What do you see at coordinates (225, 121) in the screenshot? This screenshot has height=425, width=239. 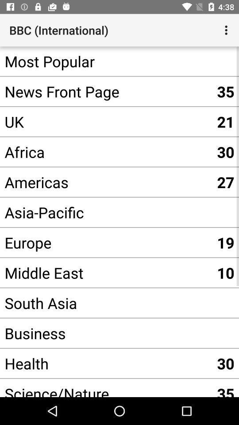 I see `the 21 item` at bounding box center [225, 121].